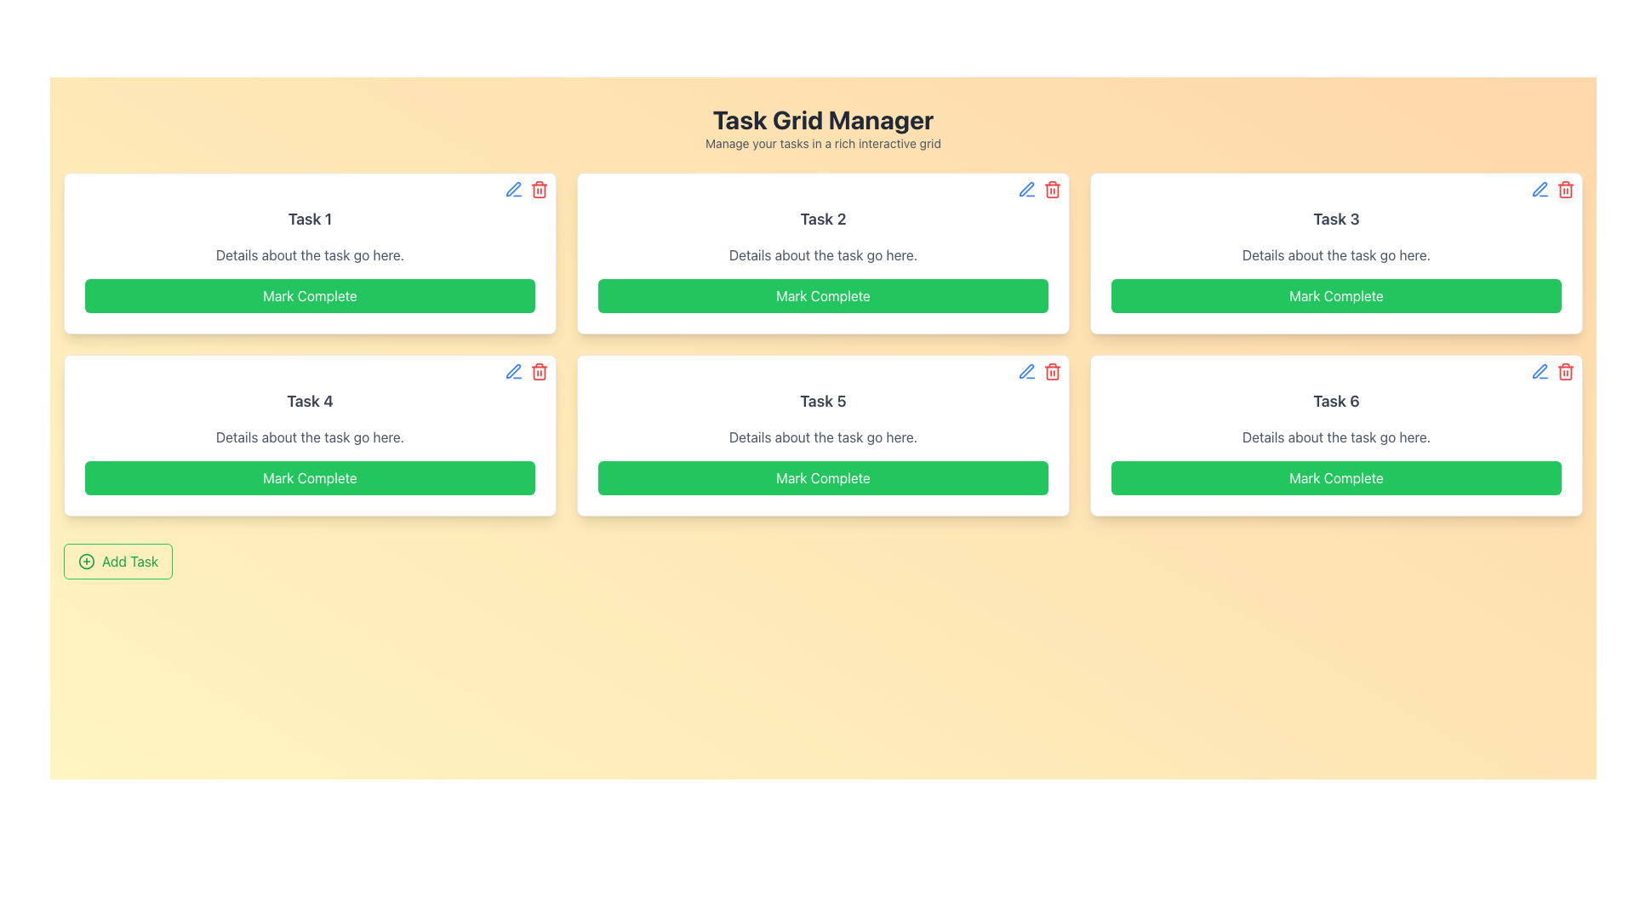  What do you see at coordinates (538, 190) in the screenshot?
I see `the delete button located at the top-right corner of the card labeled 'Task 1'` at bounding box center [538, 190].